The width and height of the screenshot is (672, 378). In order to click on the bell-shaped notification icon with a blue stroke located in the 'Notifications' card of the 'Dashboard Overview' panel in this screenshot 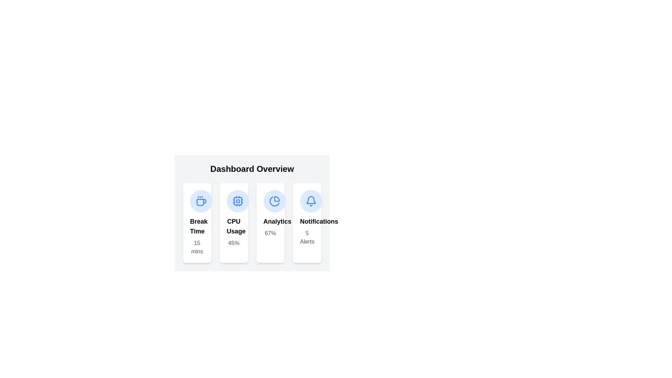, I will do `click(311, 201)`.